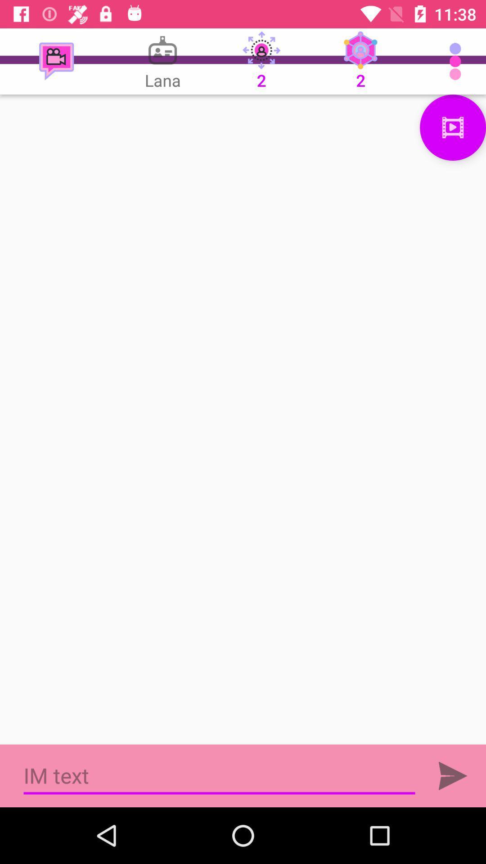 Image resolution: width=486 pixels, height=864 pixels. I want to click on video play, so click(453, 127).